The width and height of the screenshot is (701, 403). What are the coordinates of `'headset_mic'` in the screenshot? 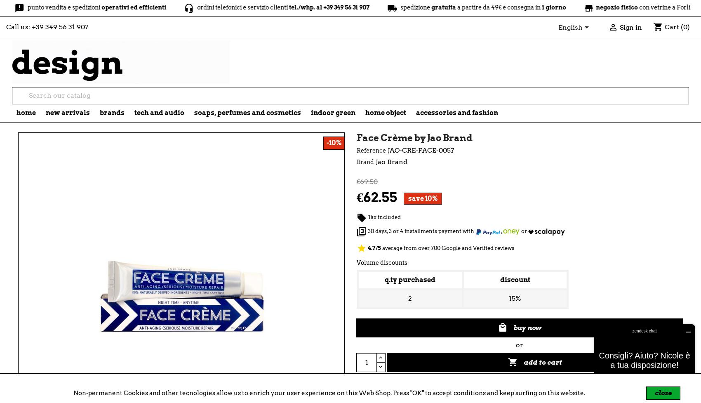 It's located at (152, 8).